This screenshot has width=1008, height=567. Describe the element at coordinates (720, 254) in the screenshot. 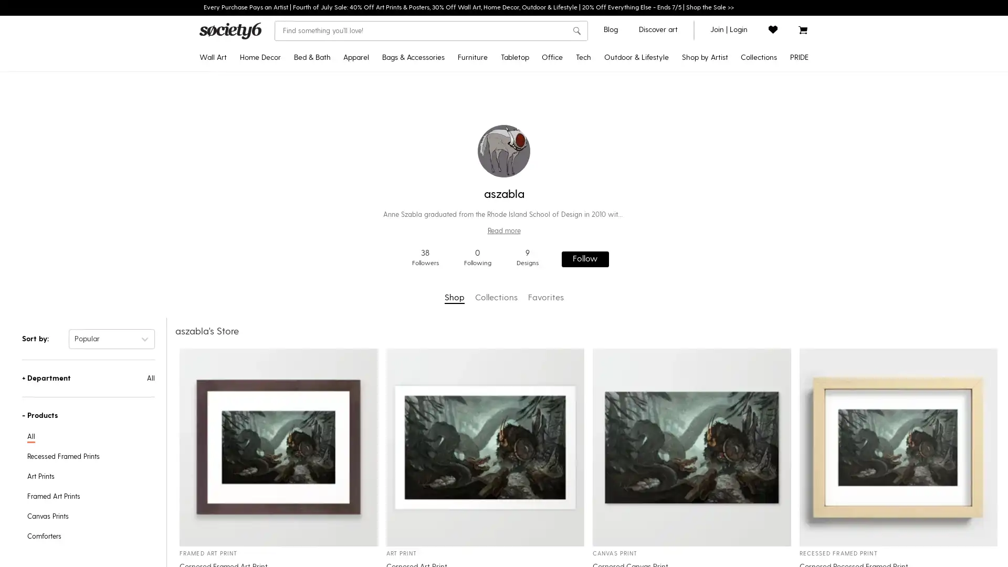

I see `Yoga & Mindfulness` at that location.